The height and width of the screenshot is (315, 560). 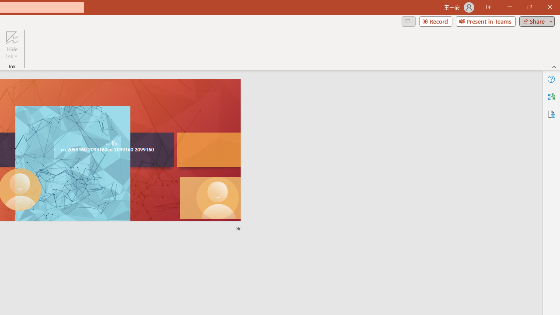 I want to click on 'More Options', so click(x=12, y=53).